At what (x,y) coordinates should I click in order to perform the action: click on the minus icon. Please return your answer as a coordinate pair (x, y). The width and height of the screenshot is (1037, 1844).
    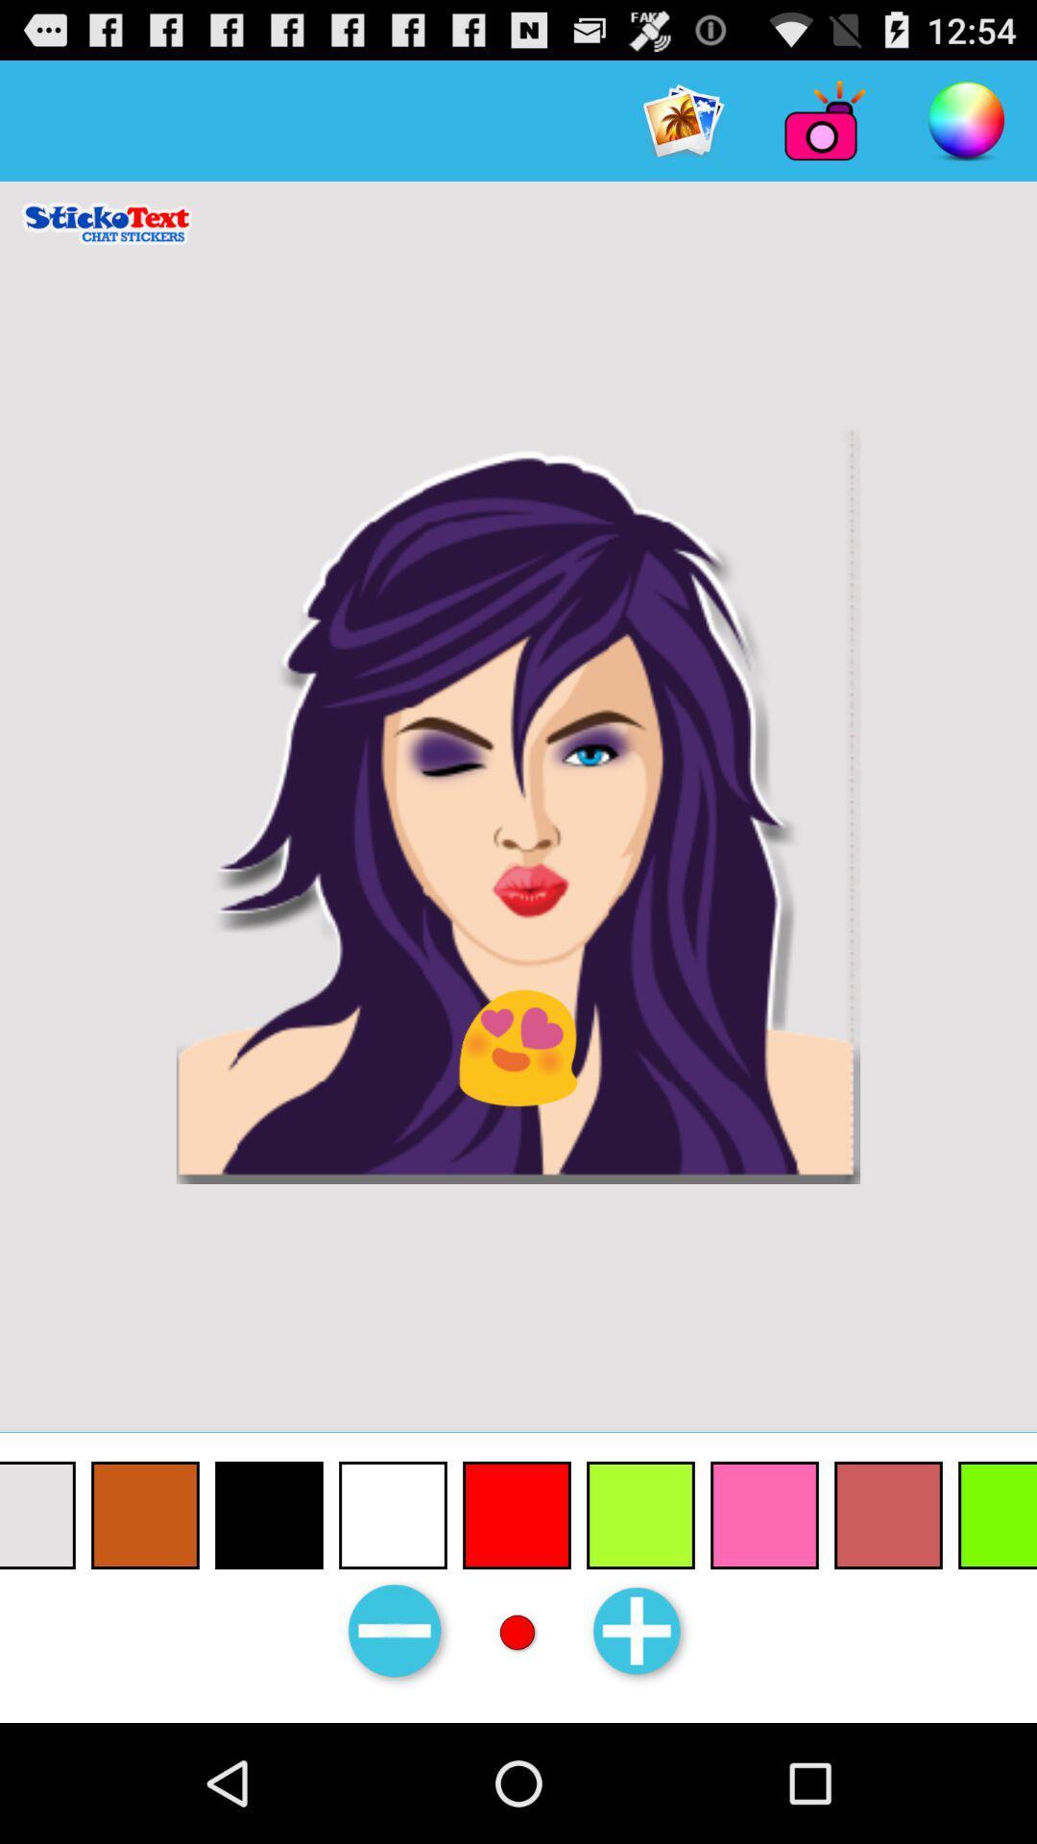
    Looking at the image, I should click on (396, 1748).